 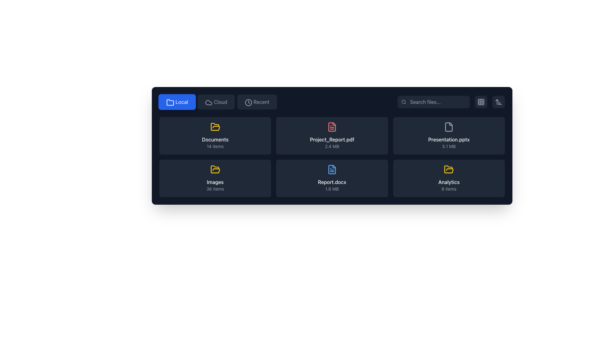 What do you see at coordinates (181, 102) in the screenshot?
I see `the 'Local' button which contains the text label 'Local' indicating a local storage option, located to the right of the folder icon` at bounding box center [181, 102].